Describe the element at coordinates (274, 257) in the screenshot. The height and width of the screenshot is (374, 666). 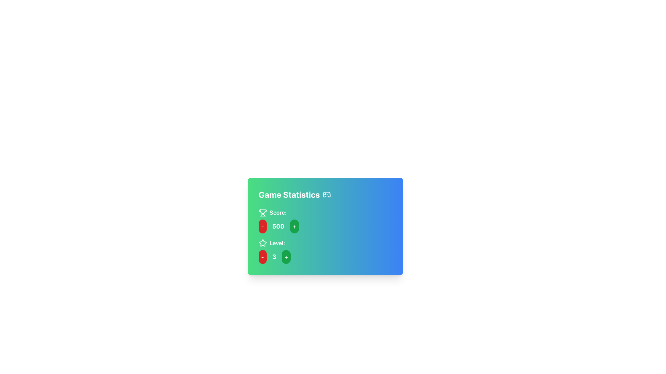
I see `current value displayed in the static text element showing '3' associated with 'Level', which is centrally positioned between the red '-' button and the green '+' button under the 'Level' subheading` at that location.